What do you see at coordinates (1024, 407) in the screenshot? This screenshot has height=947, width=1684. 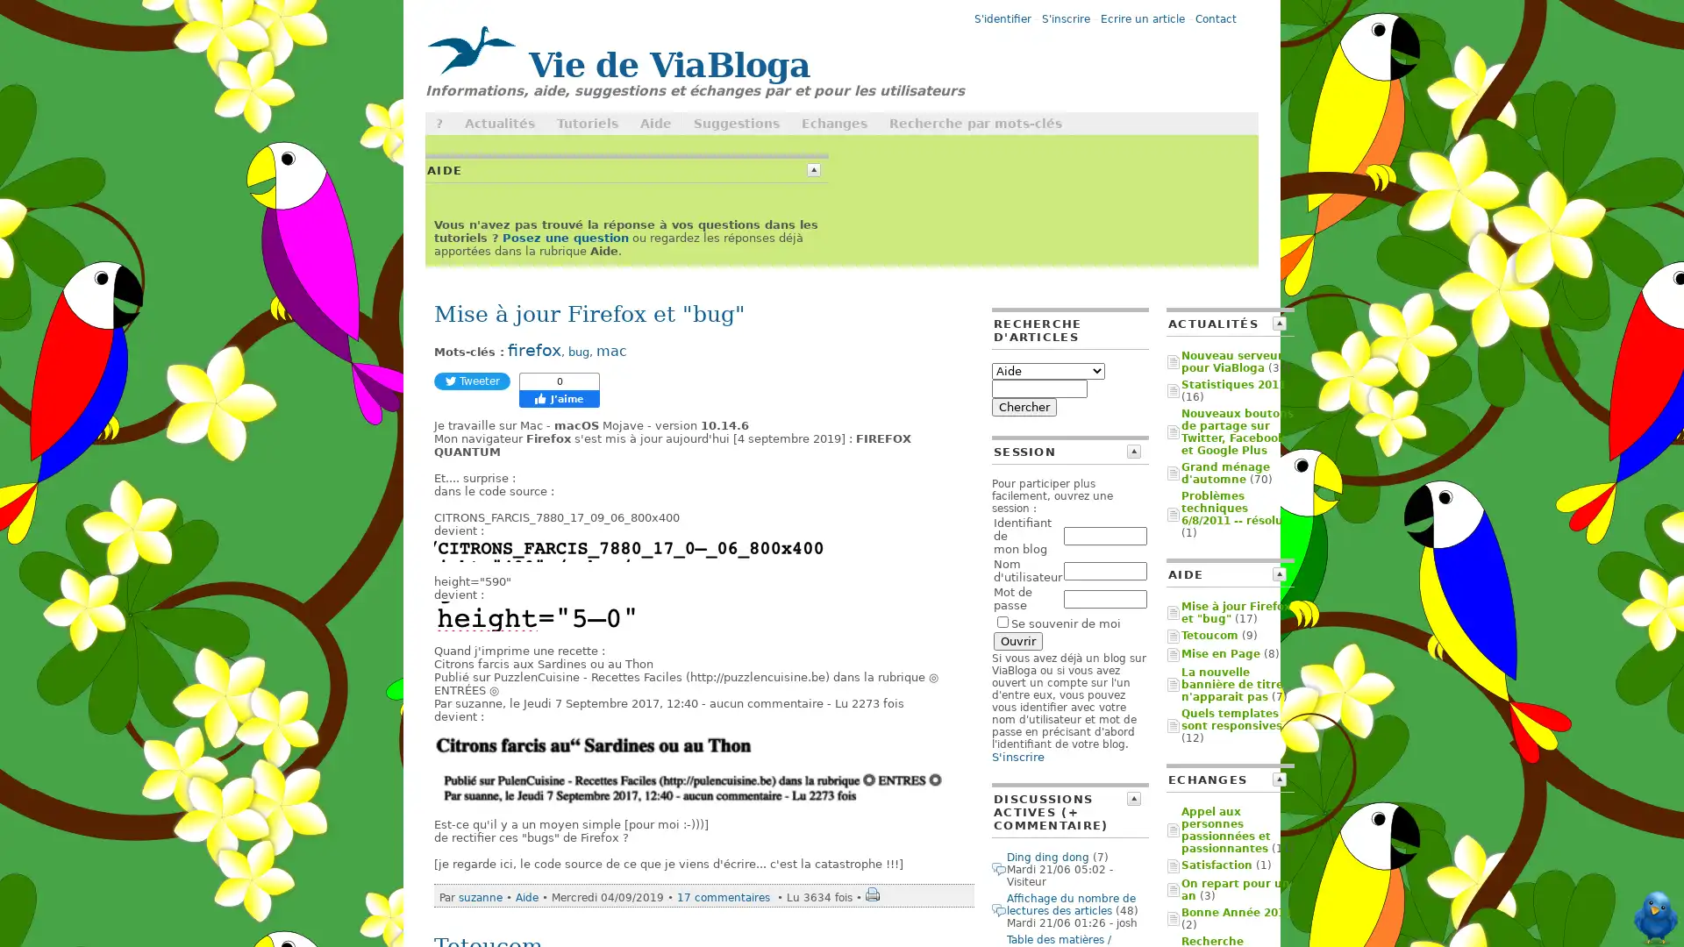 I see `Chercher` at bounding box center [1024, 407].